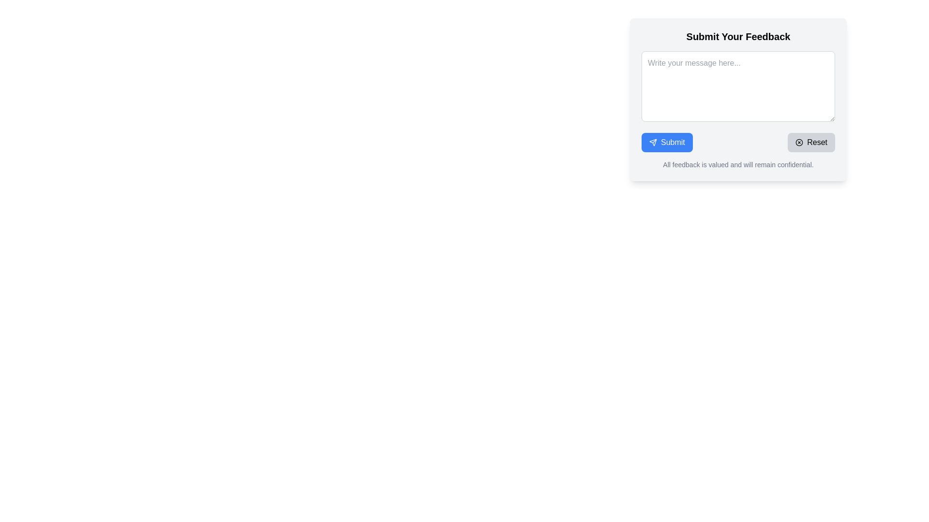  I want to click on the title text of the feedback form, which is positioned at the top of the form above the text input field and action buttons, so click(738, 36).